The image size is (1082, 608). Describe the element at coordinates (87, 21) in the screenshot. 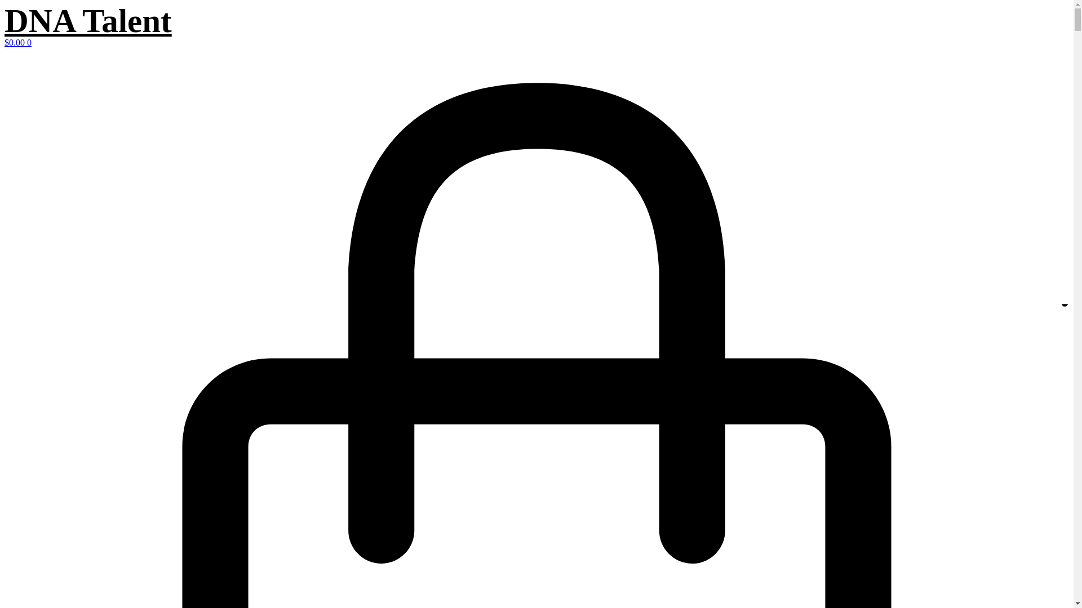

I see `'DNA Talent'` at that location.